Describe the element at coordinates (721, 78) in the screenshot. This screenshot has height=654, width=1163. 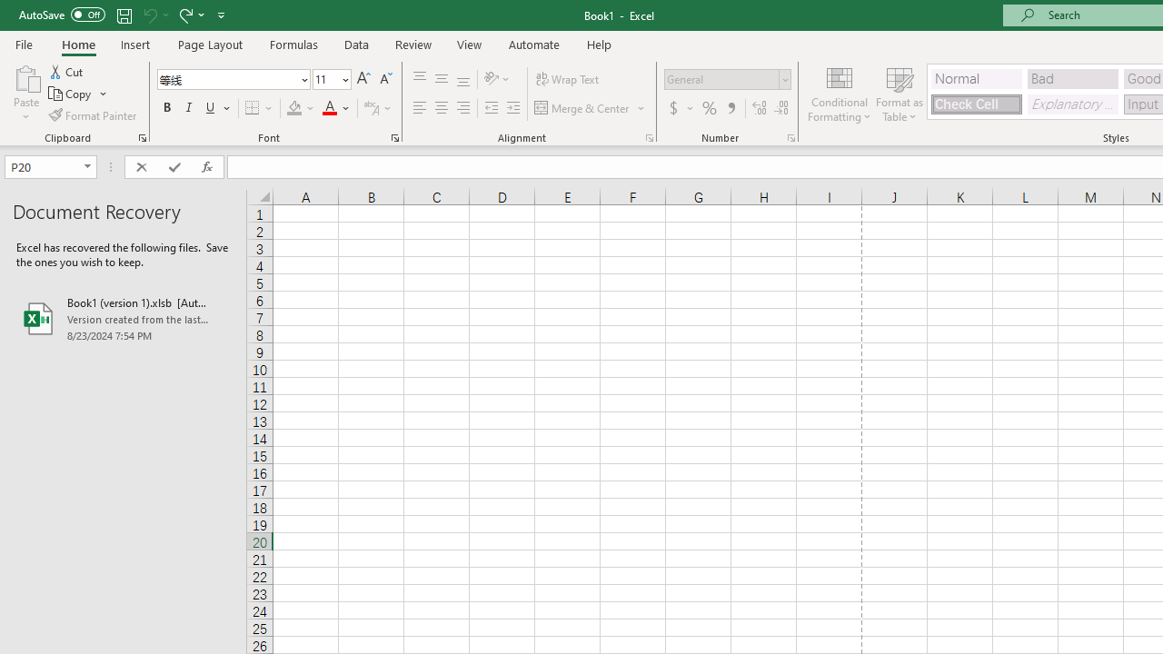
I see `'Number Format'` at that location.